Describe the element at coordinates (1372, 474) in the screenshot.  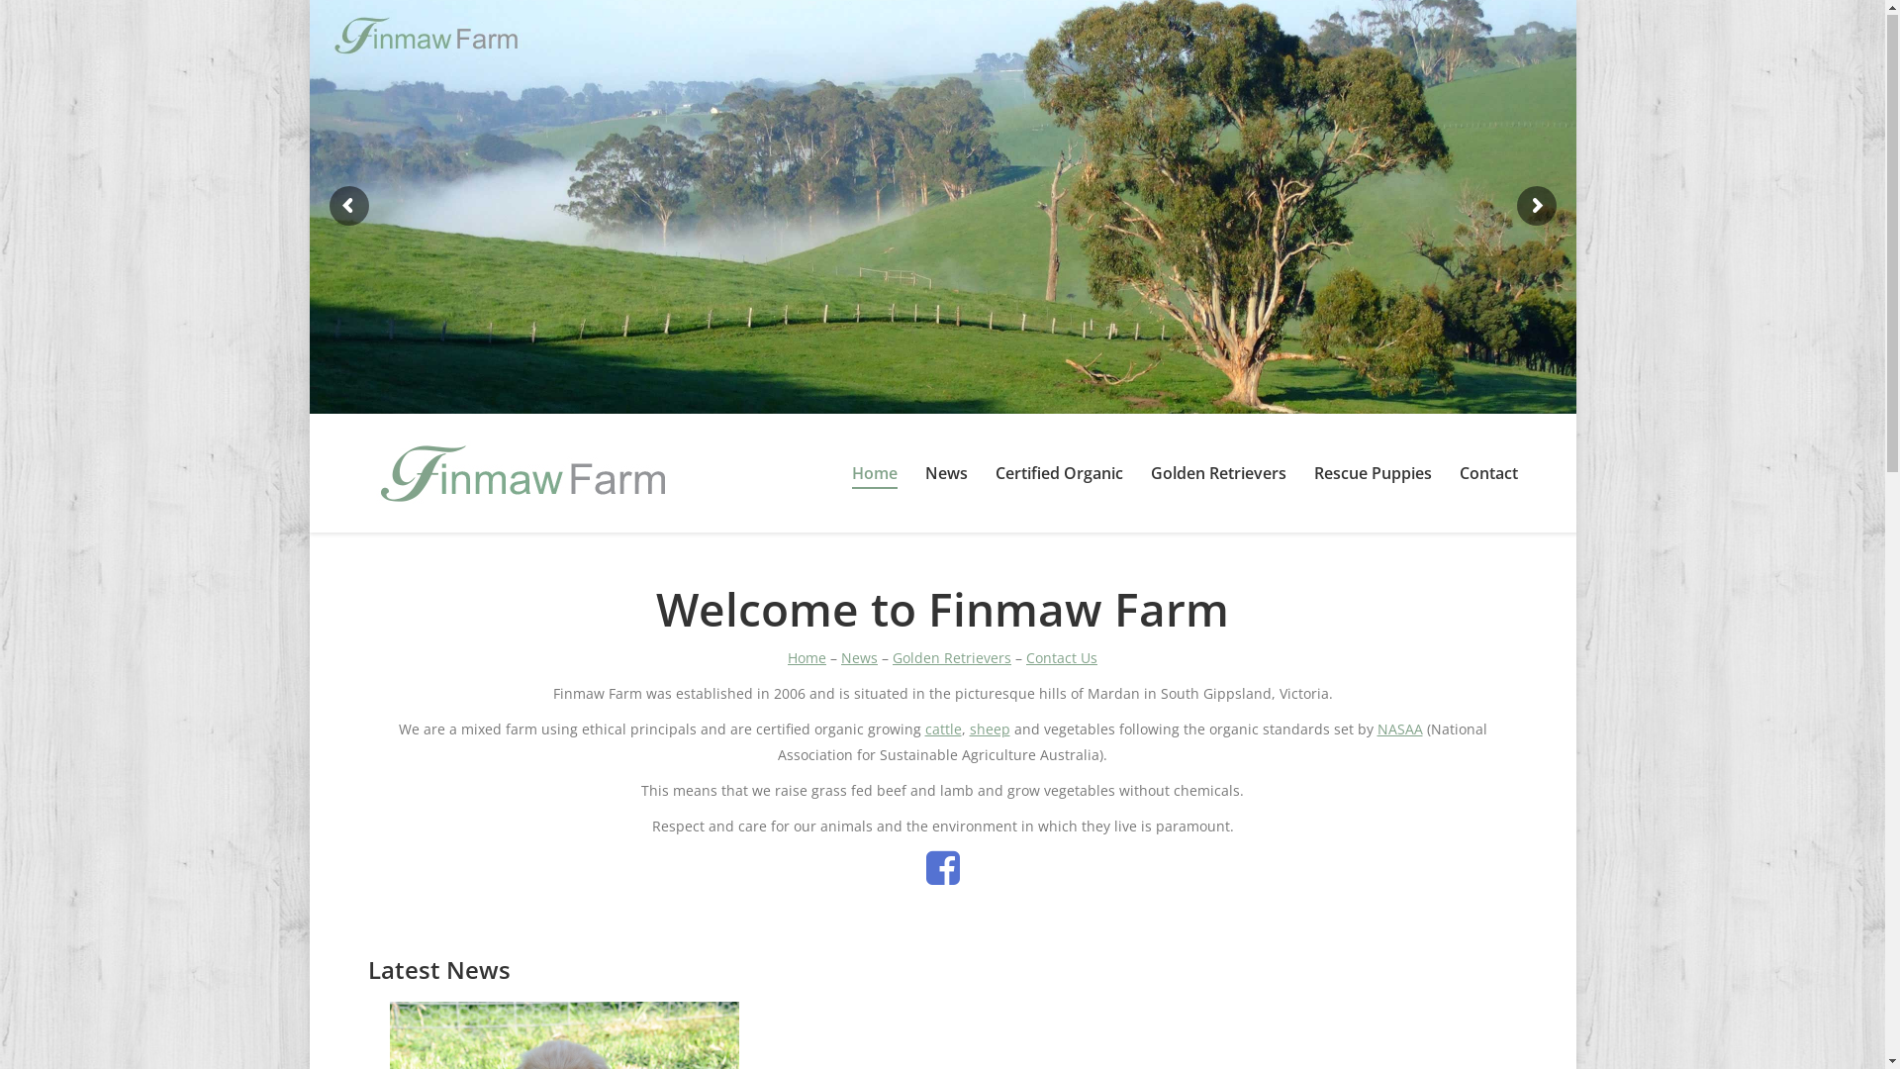
I see `'Rescue Puppies'` at that location.